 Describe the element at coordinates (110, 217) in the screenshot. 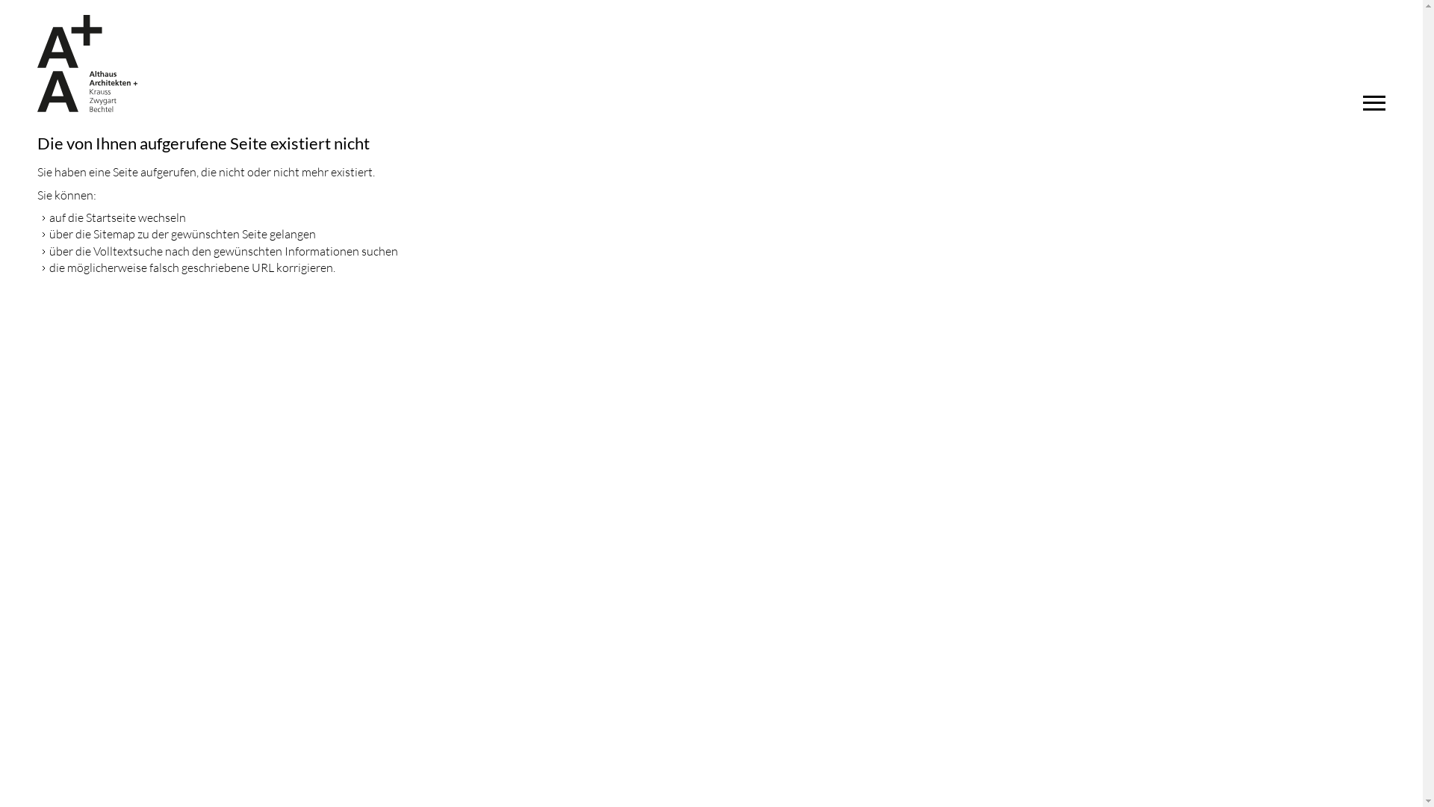

I see `'Startseite'` at that location.